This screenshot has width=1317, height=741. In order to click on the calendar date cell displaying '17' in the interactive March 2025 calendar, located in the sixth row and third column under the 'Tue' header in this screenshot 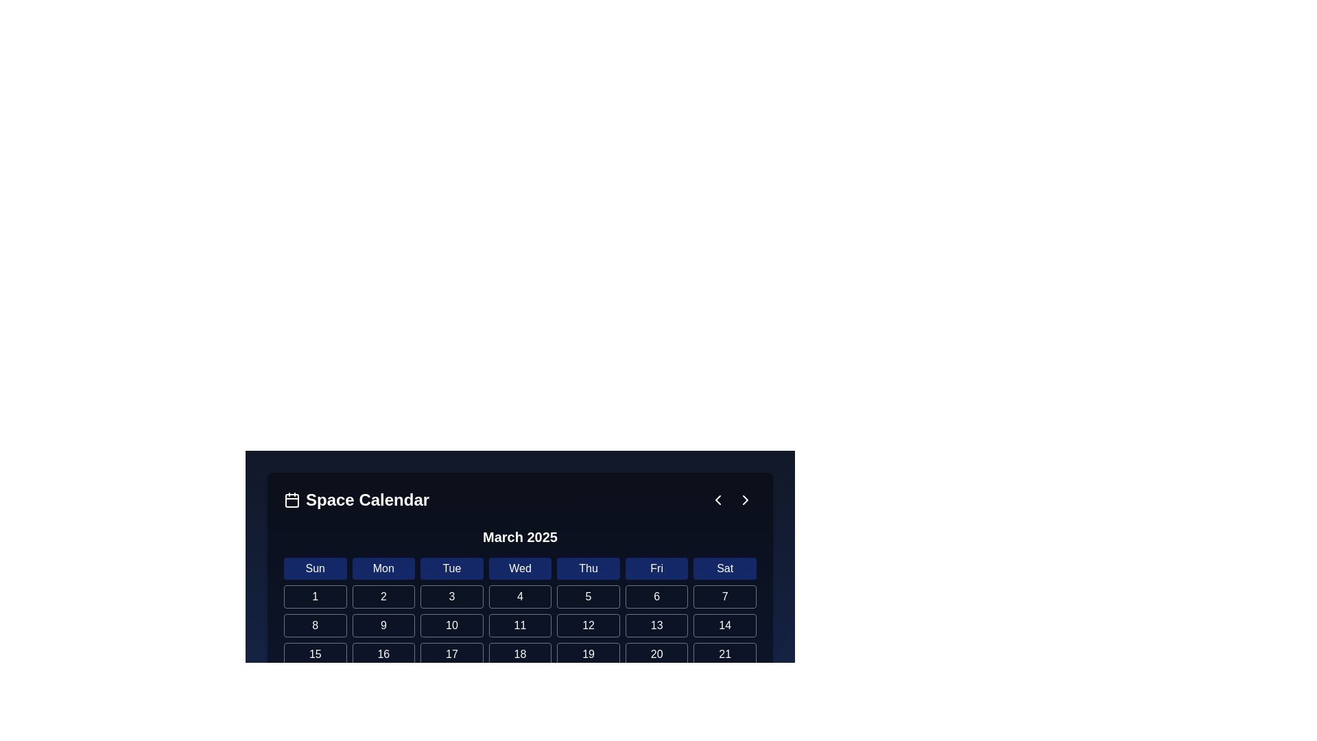, I will do `click(451, 653)`.